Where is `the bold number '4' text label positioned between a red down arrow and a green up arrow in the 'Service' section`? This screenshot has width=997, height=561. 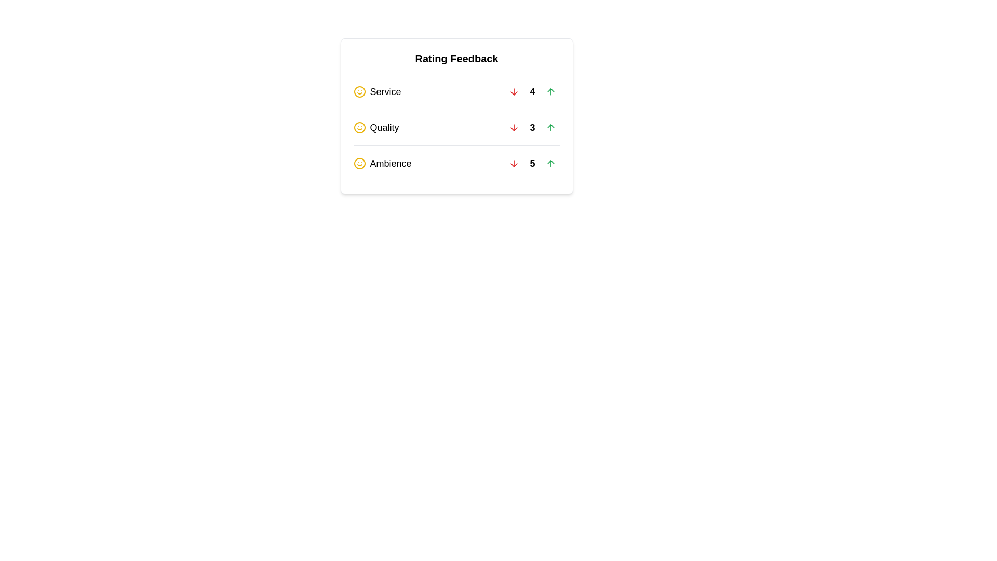 the bold number '4' text label positioned between a red down arrow and a green up arrow in the 'Service' section is located at coordinates (532, 91).